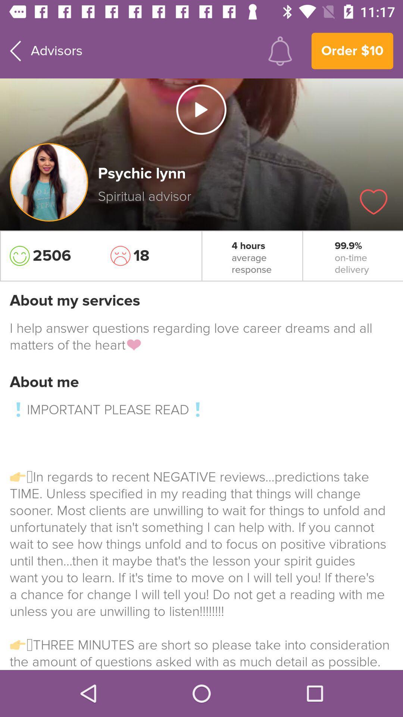 Image resolution: width=403 pixels, height=717 pixels. What do you see at coordinates (374, 202) in the screenshot?
I see `the favorite icon` at bounding box center [374, 202].